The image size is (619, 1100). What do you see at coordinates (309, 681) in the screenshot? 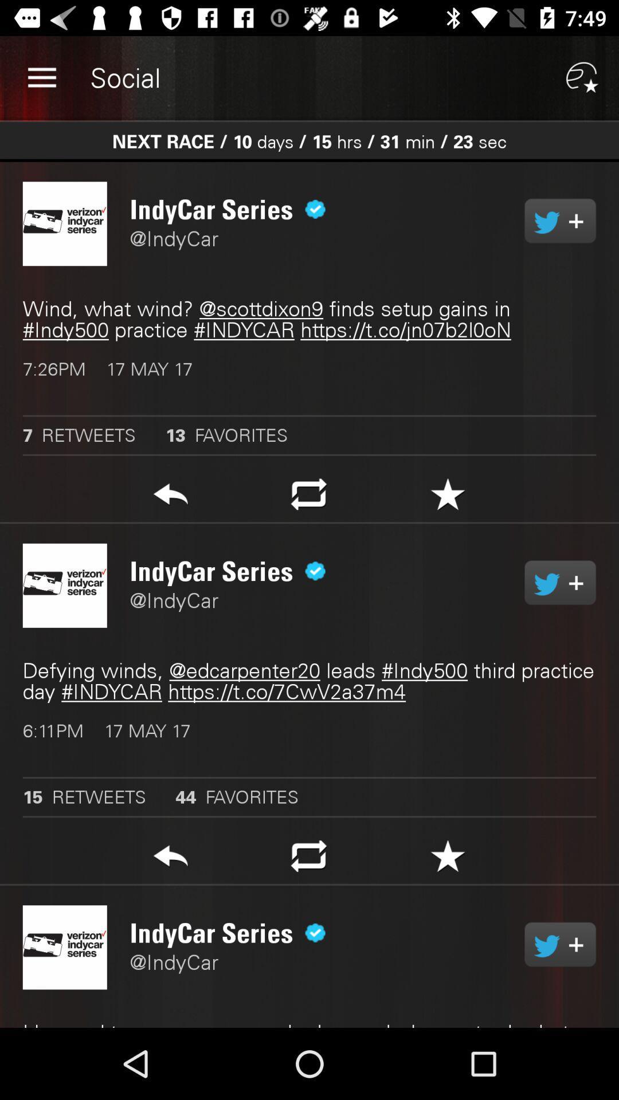
I see `icon above 6 11pm 17 item` at bounding box center [309, 681].